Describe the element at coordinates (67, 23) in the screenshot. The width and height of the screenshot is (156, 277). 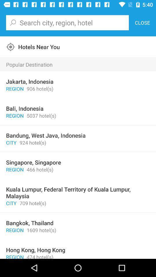
I see `search field` at that location.